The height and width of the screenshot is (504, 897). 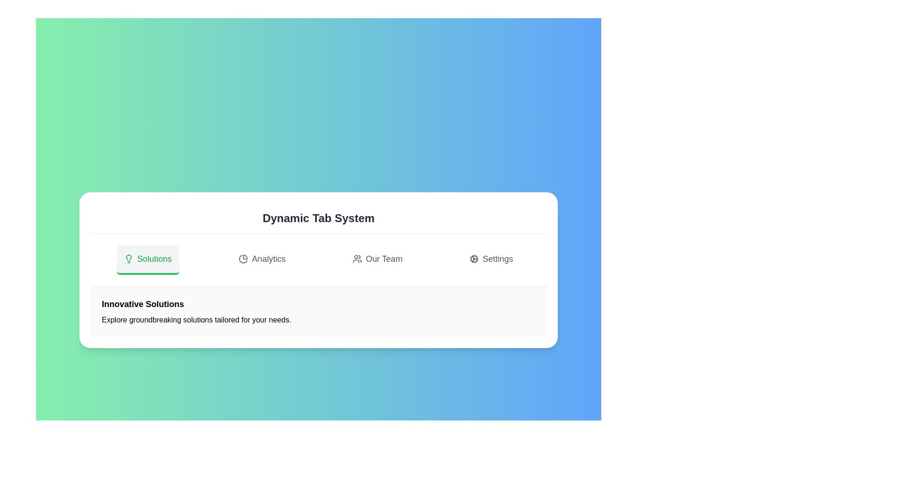 I want to click on the 'Settings' button located, so click(x=491, y=259).